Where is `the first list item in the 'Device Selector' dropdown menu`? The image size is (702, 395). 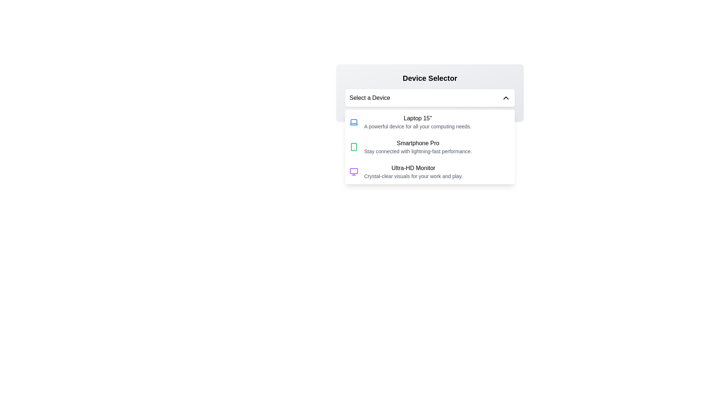
the first list item in the 'Device Selector' dropdown menu is located at coordinates (430, 122).